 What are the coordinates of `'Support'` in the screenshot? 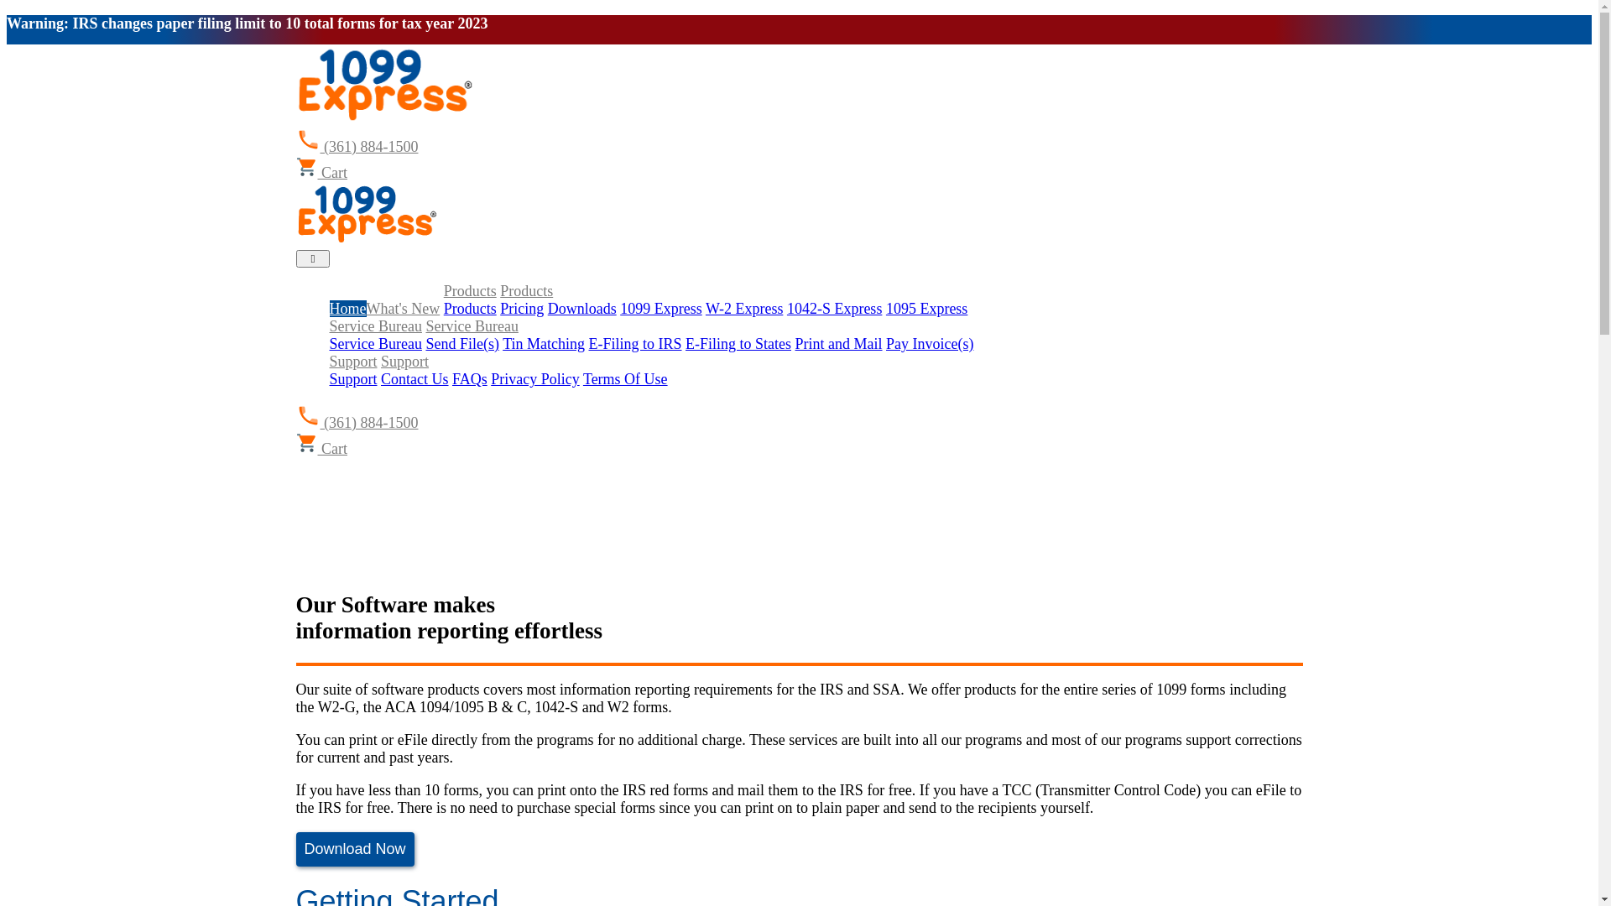 It's located at (352, 361).